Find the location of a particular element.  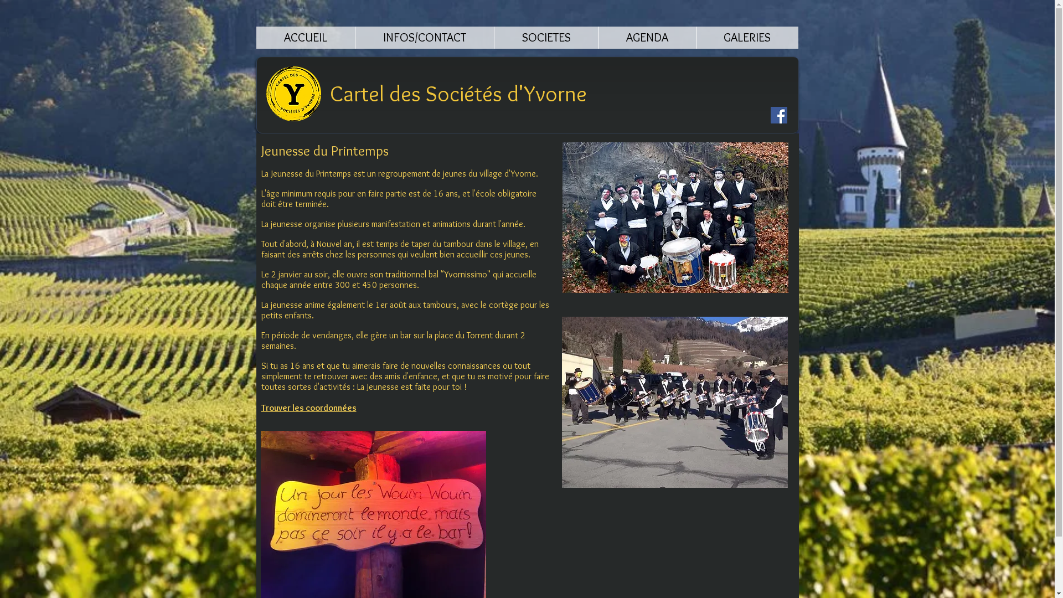

'Cartel' is located at coordinates (329, 92).